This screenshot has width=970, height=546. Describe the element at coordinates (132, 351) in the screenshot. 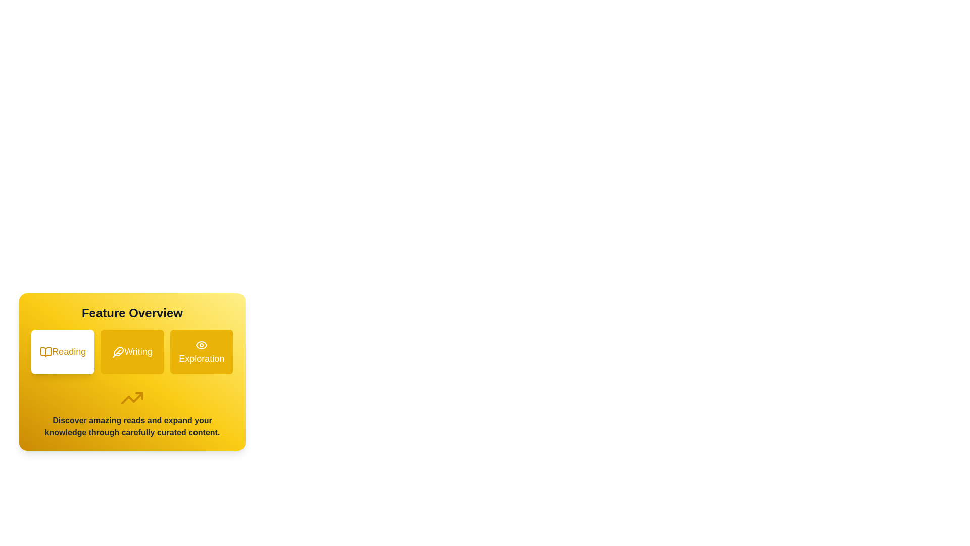

I see `the yellow 'Writing' button with white text and a feather icon` at that location.